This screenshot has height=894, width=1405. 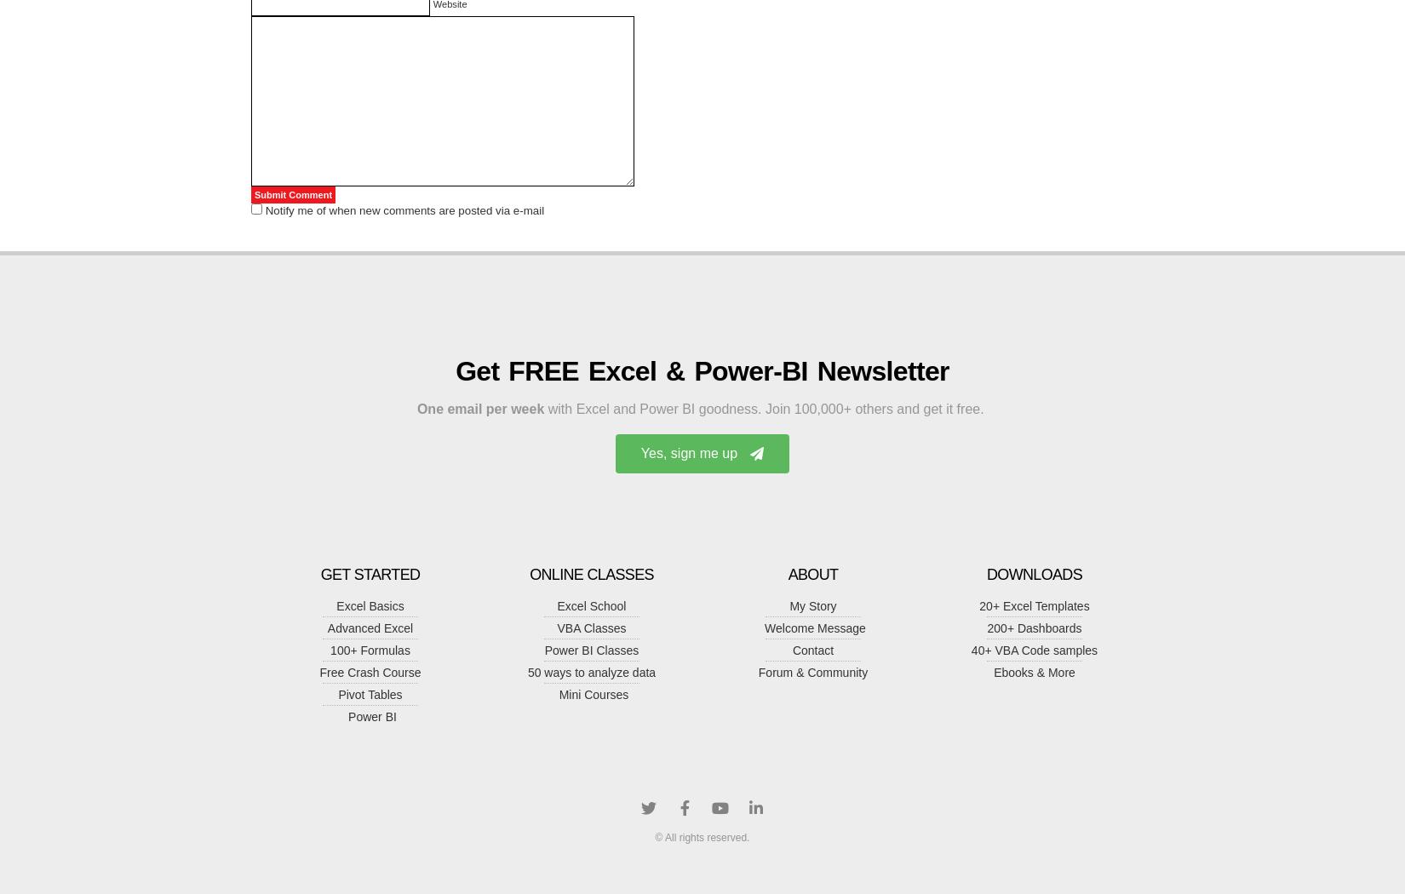 What do you see at coordinates (459, 78) in the screenshot?
I see `'[...] 35 Cool Visualizations on 2008 US Presidential Election - Obama vs…. [...]'` at bounding box center [459, 78].